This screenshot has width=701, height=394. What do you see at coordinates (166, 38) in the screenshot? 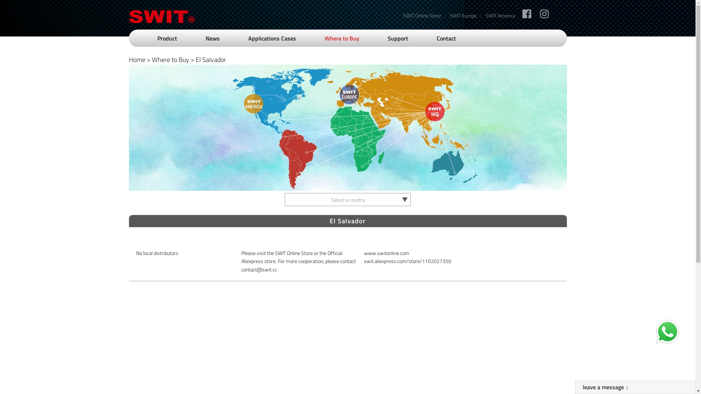
I see `'Product'` at bounding box center [166, 38].